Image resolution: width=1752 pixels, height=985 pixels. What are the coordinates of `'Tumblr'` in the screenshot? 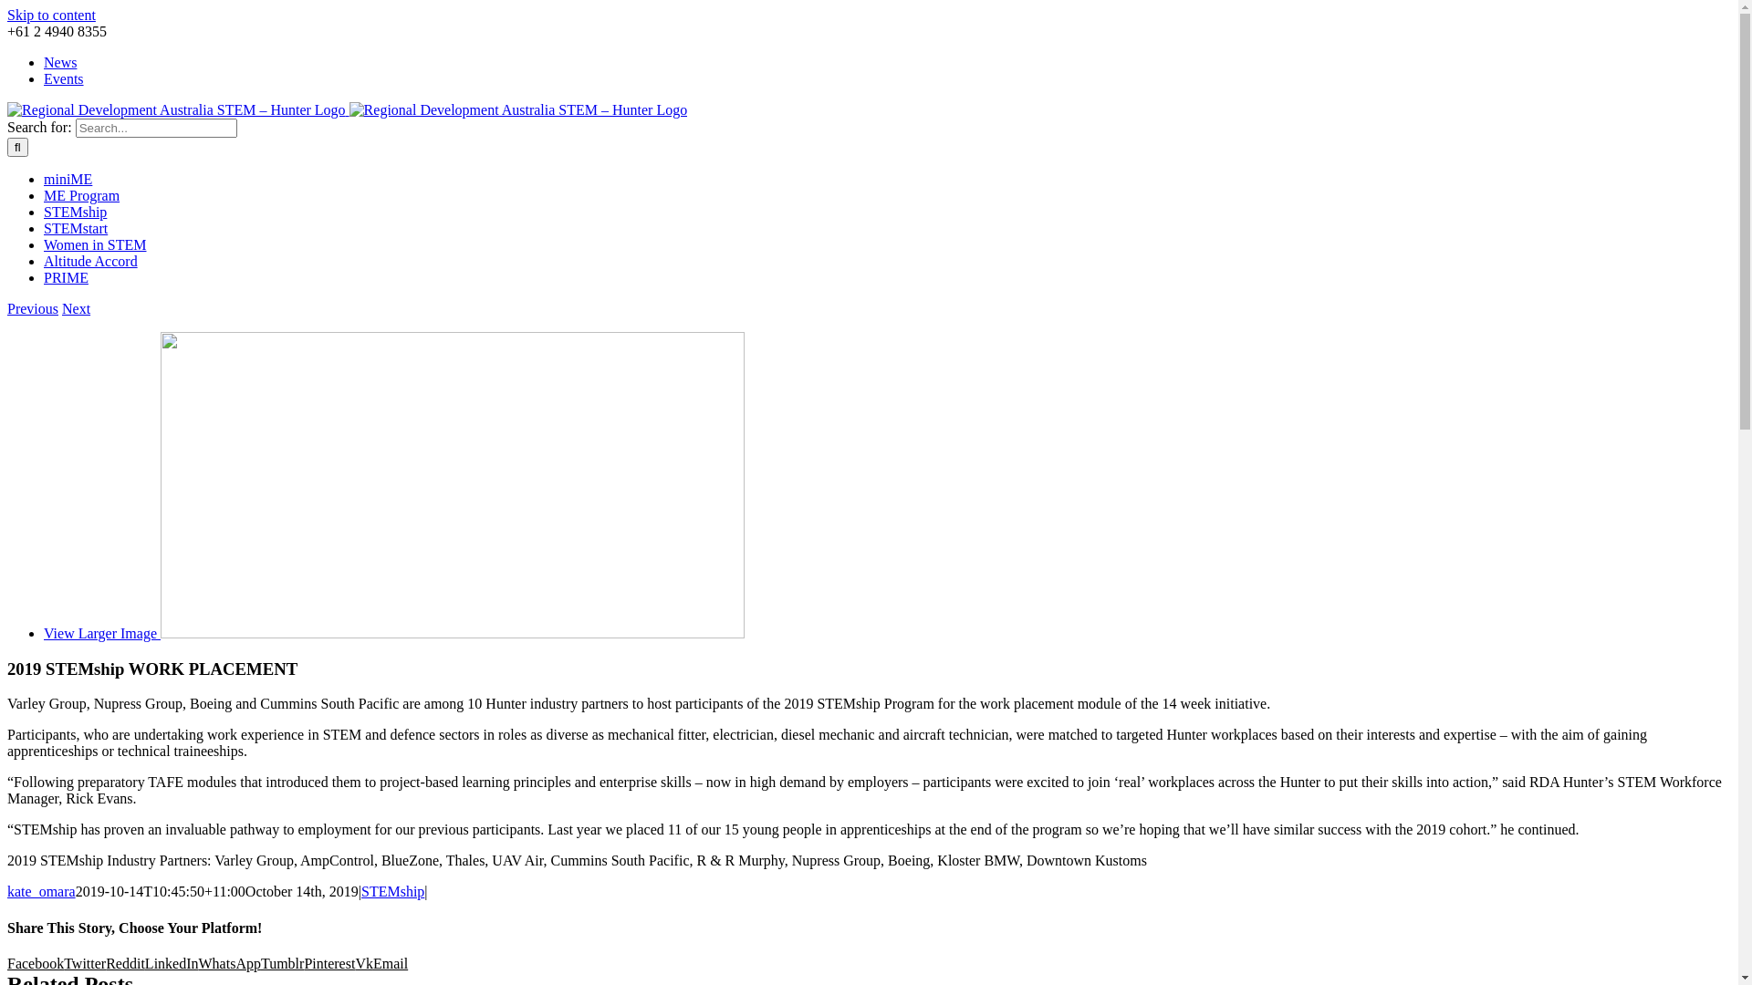 It's located at (281, 962).